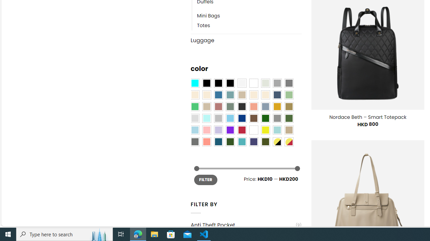 This screenshot has height=241, width=430. Describe the element at coordinates (205, 179) in the screenshot. I see `'FILTER'` at that location.